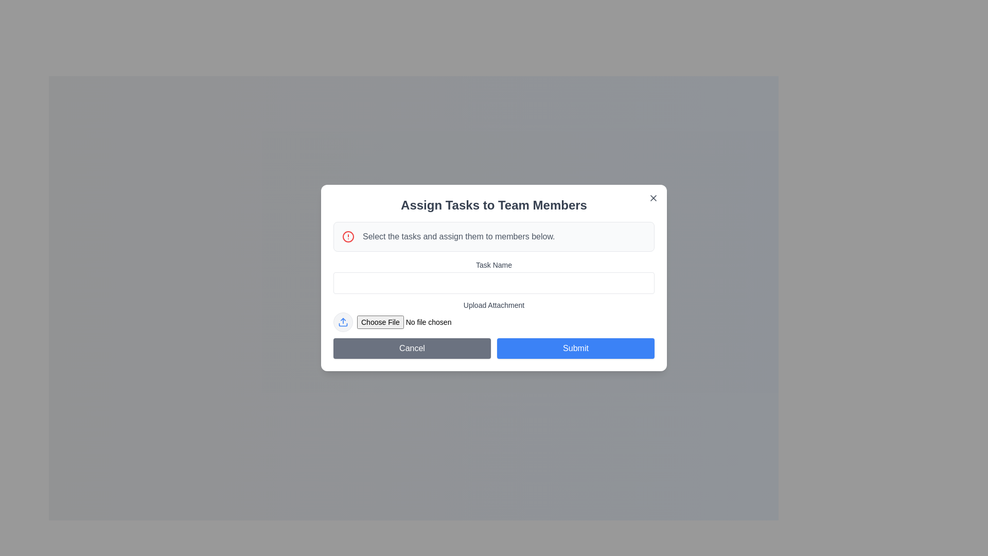  Describe the element at coordinates (653, 198) in the screenshot. I see `the close button located at the top-right corner of the modal dialog to change its color` at that location.